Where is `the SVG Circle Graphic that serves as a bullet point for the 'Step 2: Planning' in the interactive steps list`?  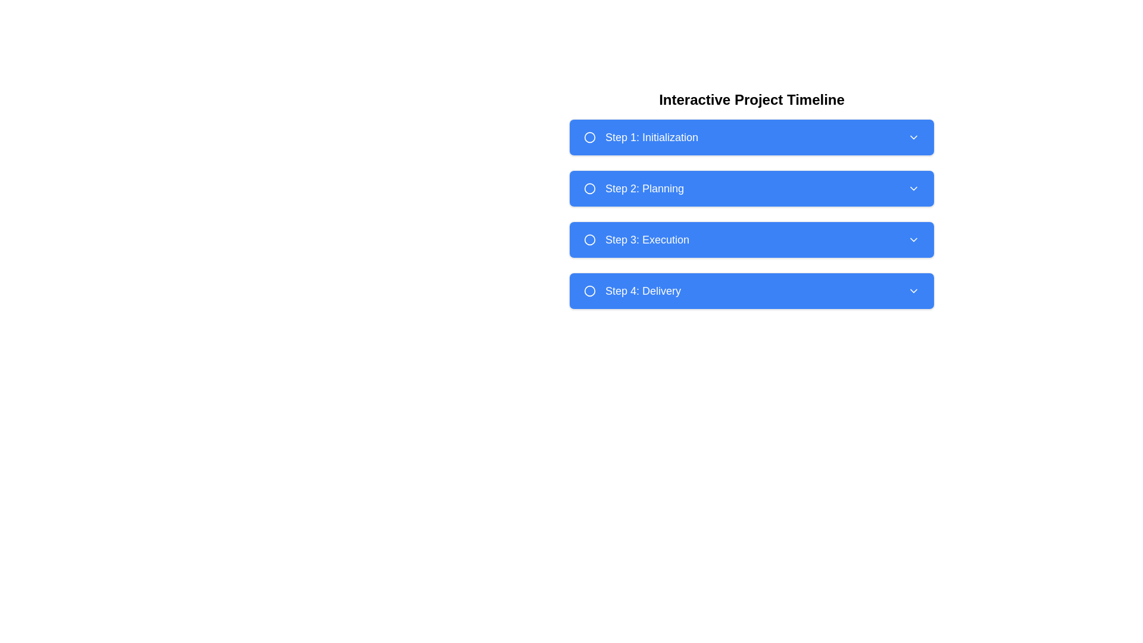 the SVG Circle Graphic that serves as a bullet point for the 'Step 2: Planning' in the interactive steps list is located at coordinates (589, 188).